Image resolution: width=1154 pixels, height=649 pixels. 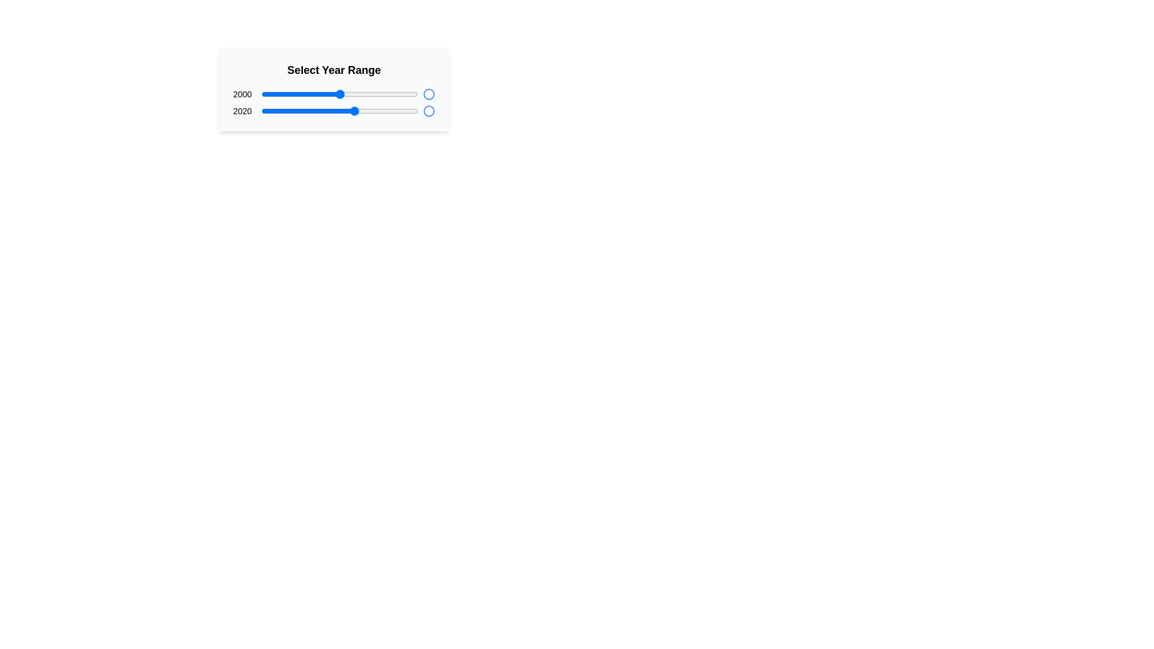 What do you see at coordinates (362, 94) in the screenshot?
I see `the year` at bounding box center [362, 94].